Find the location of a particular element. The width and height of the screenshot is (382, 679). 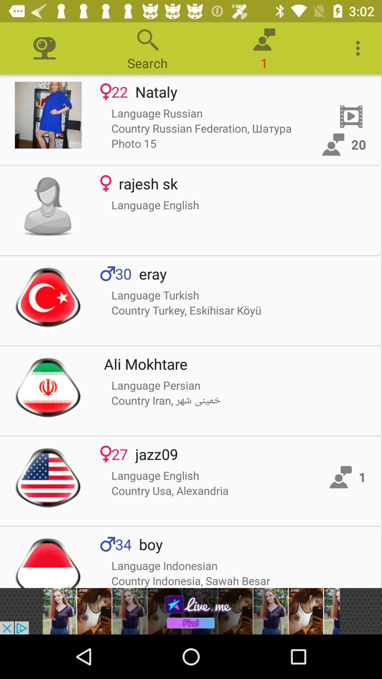

profile picture is located at coordinates (48, 387).